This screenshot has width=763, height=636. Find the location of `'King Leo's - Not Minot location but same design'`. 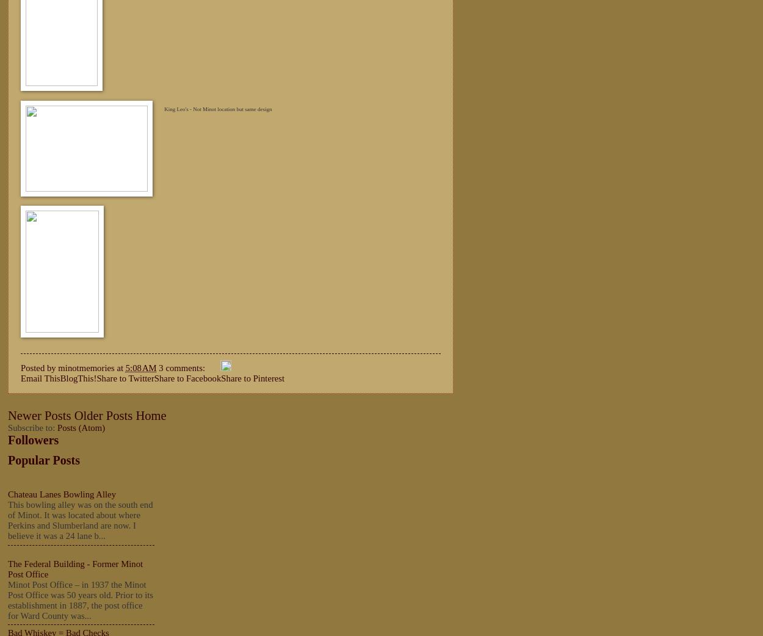

'King Leo's - Not Minot location but same design' is located at coordinates (217, 107).